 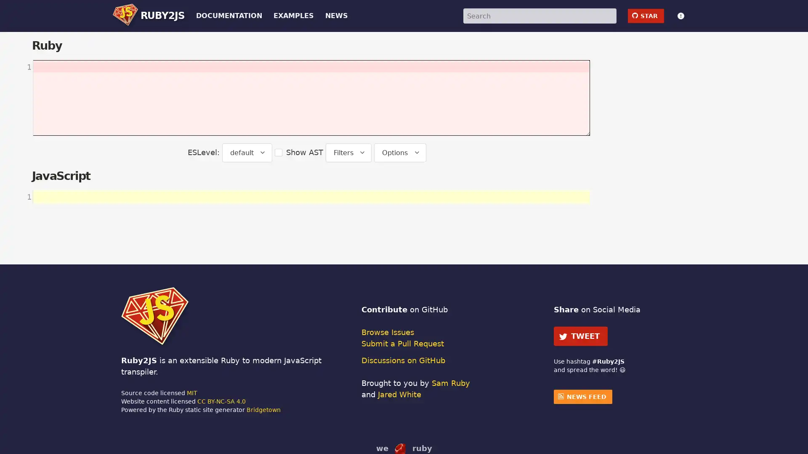 What do you see at coordinates (348, 152) in the screenshot?
I see `Filters` at bounding box center [348, 152].